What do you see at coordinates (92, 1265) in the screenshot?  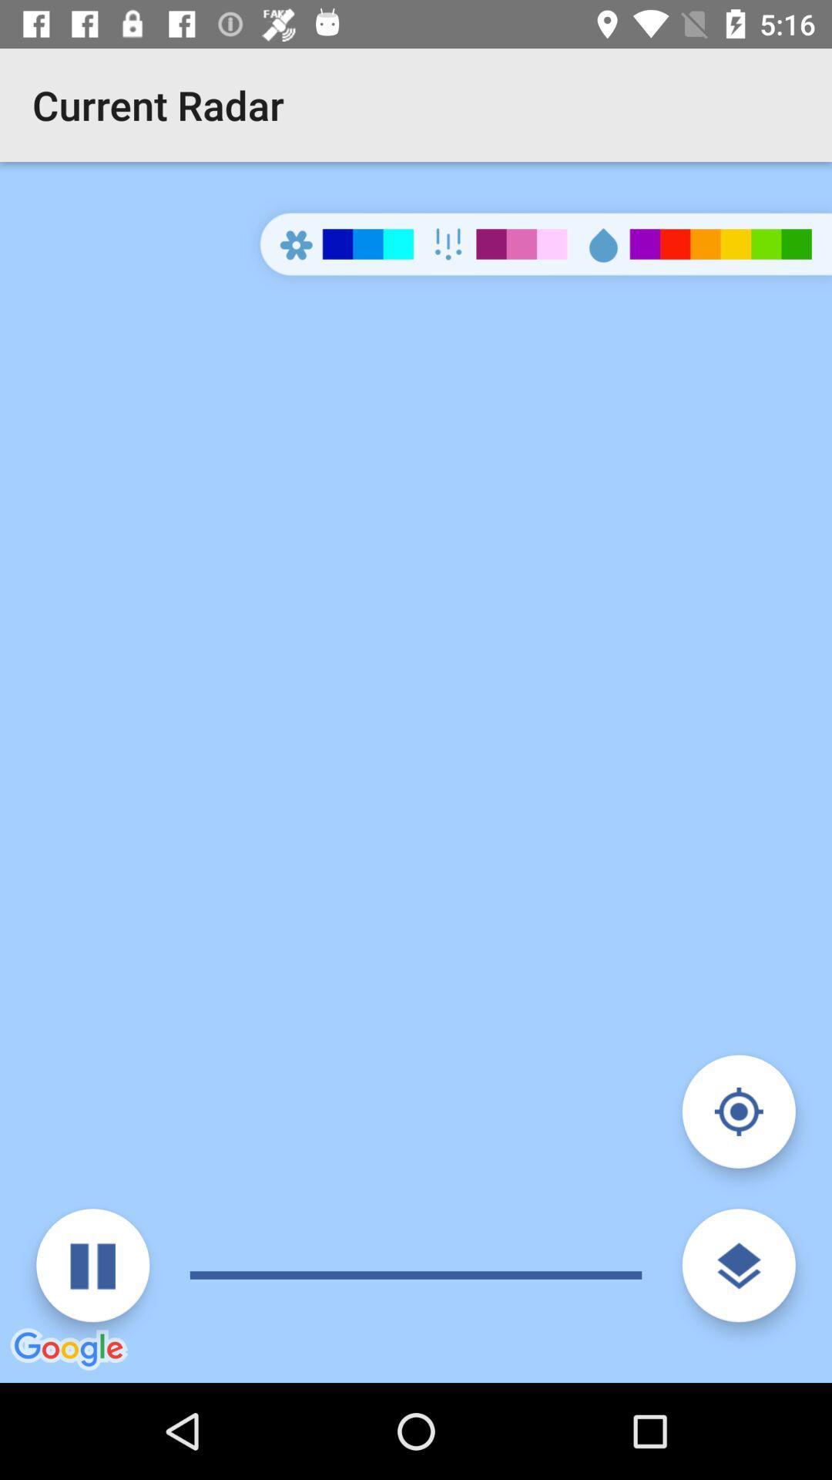 I see `the icon below current radar` at bounding box center [92, 1265].